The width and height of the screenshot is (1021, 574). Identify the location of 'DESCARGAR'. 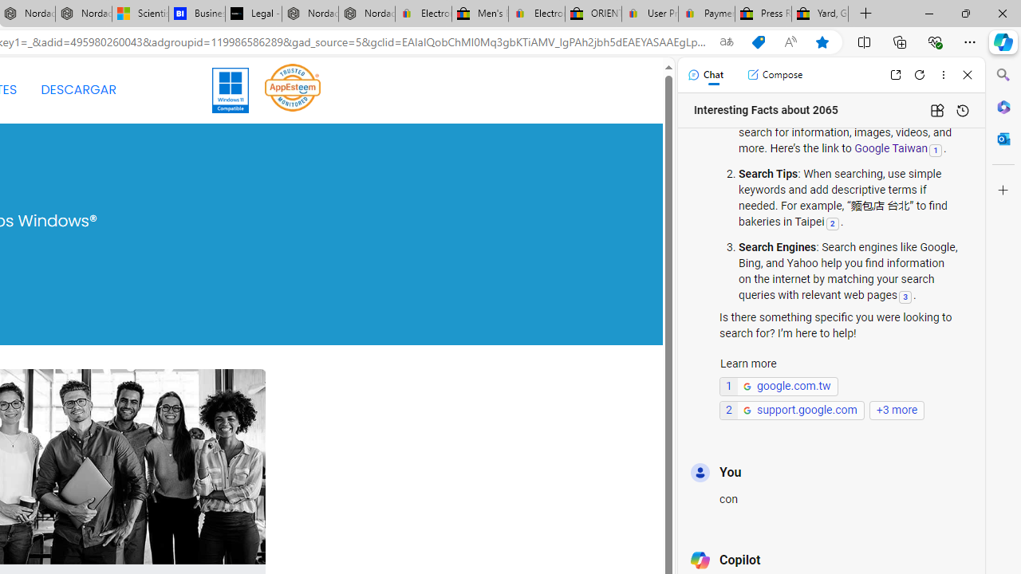
(77, 90).